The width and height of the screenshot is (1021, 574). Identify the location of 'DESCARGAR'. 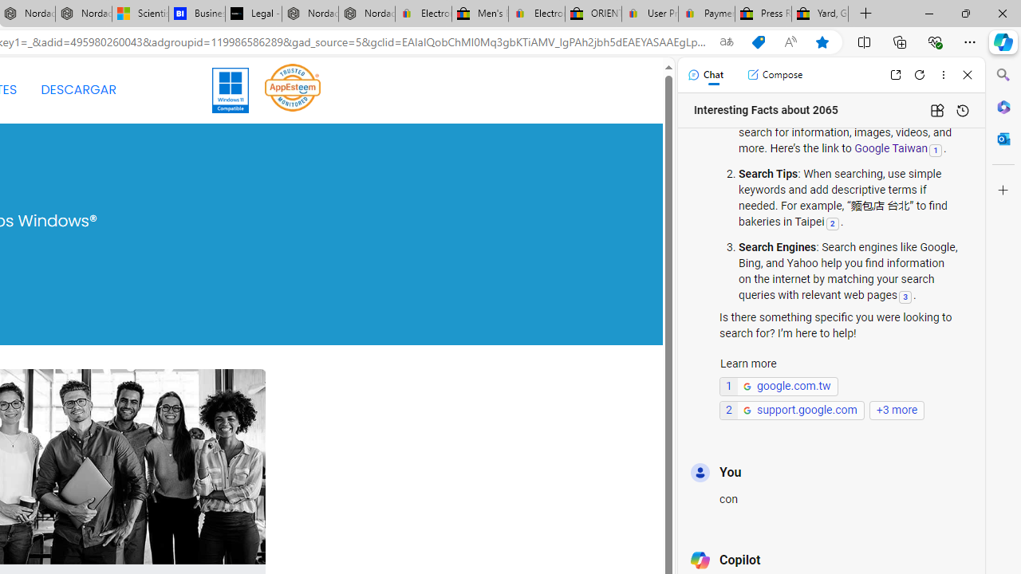
(77, 90).